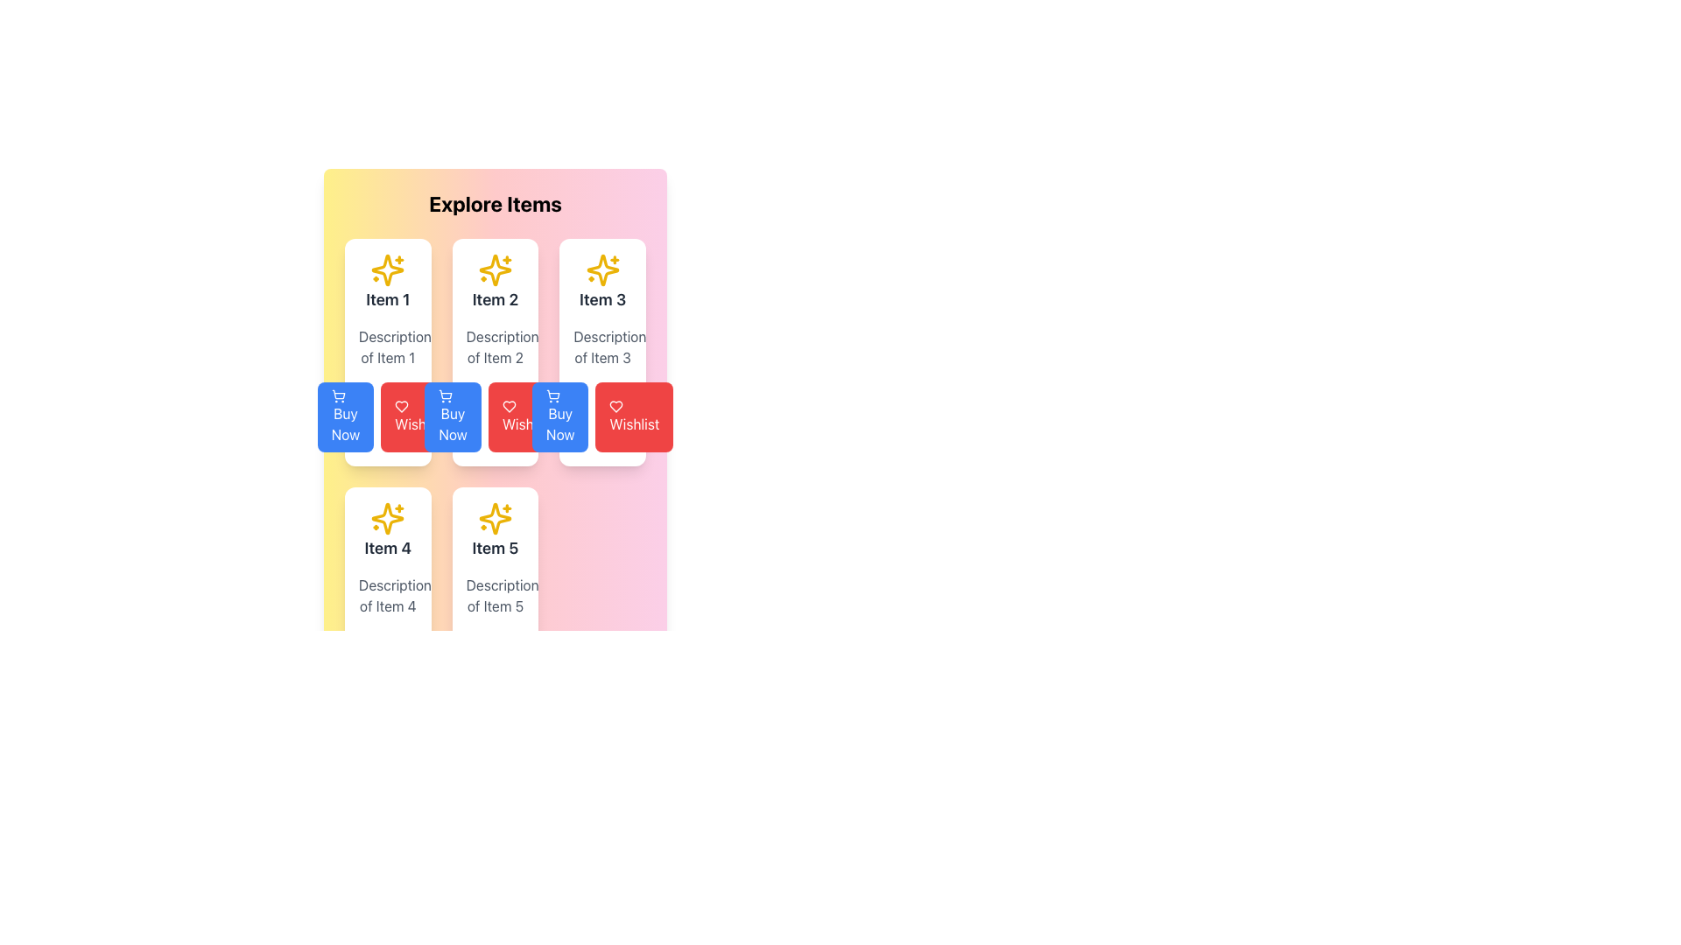  I want to click on the decorative sparkle icon representing 'Item 5' located at the top center of the card in the bottom row, second column of the grid, so click(495, 518).